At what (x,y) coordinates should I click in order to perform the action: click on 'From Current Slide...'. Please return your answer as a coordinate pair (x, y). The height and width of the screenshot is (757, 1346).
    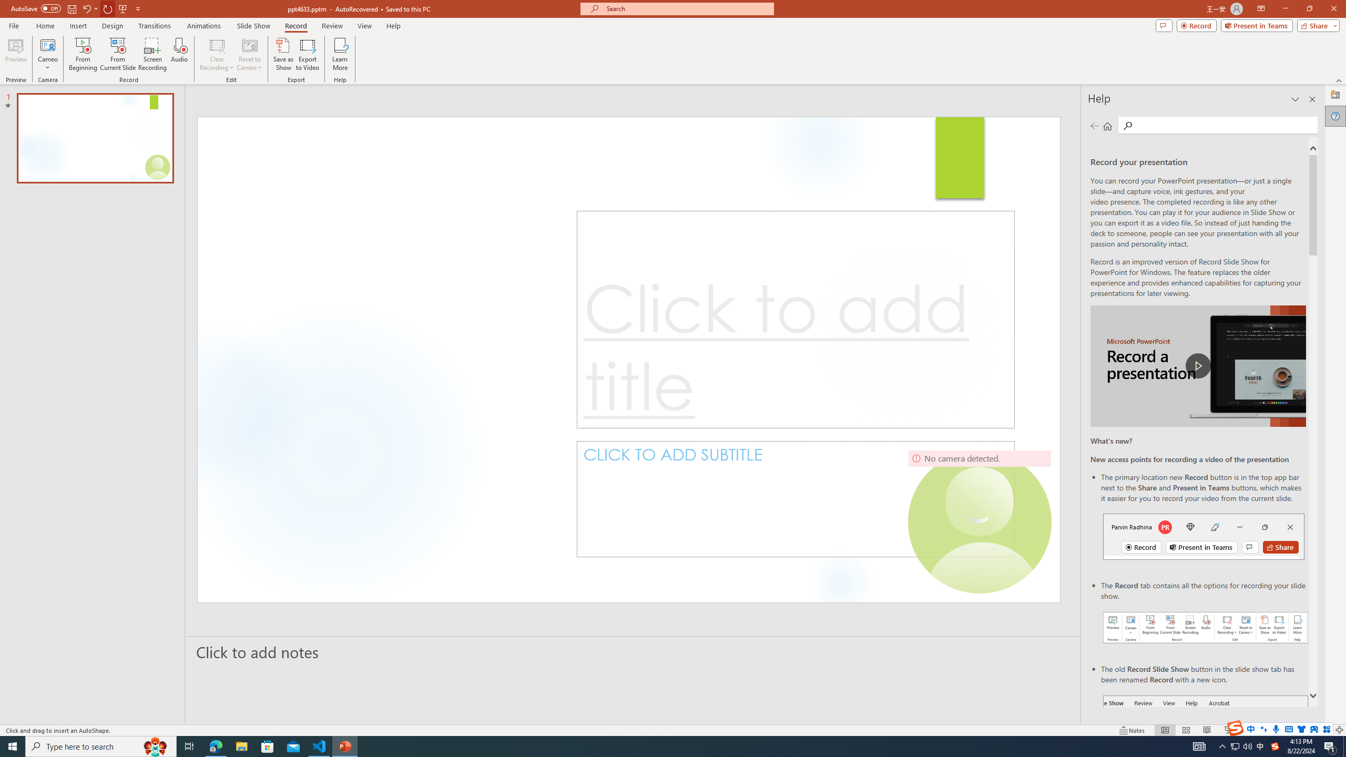
    Looking at the image, I should click on (118, 54).